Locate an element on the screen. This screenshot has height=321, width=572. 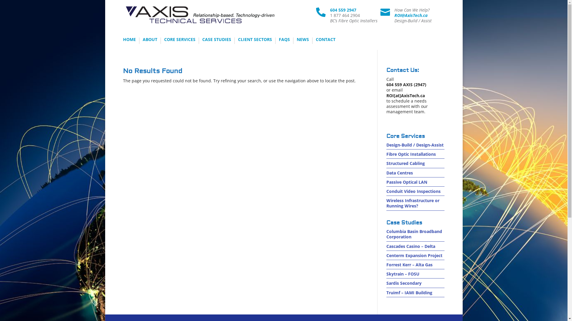
'Design-Build / Design-Assist' is located at coordinates (414, 145).